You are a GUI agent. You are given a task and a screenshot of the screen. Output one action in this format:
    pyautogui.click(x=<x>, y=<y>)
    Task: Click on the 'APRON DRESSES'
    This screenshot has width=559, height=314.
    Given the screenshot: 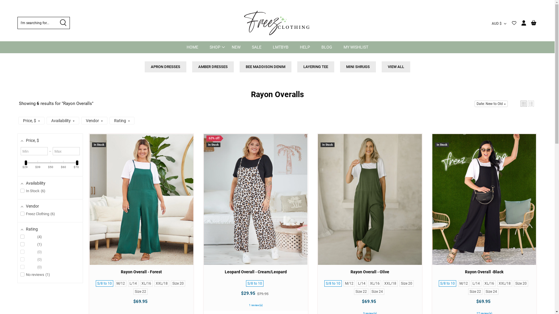 What is the action you would take?
    pyautogui.click(x=165, y=67)
    